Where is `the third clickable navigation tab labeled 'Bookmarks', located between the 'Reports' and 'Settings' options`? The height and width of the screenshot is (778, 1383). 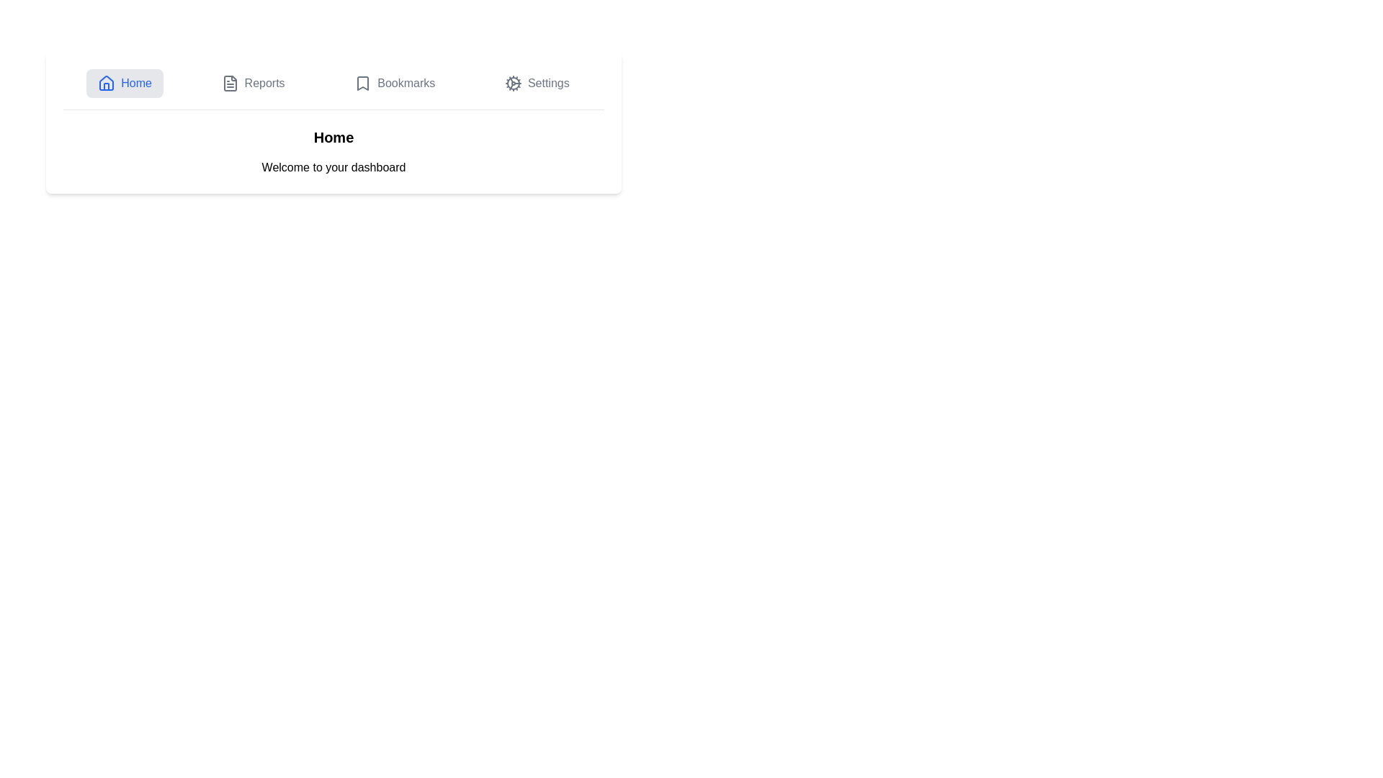 the third clickable navigation tab labeled 'Bookmarks', located between the 'Reports' and 'Settings' options is located at coordinates (395, 83).